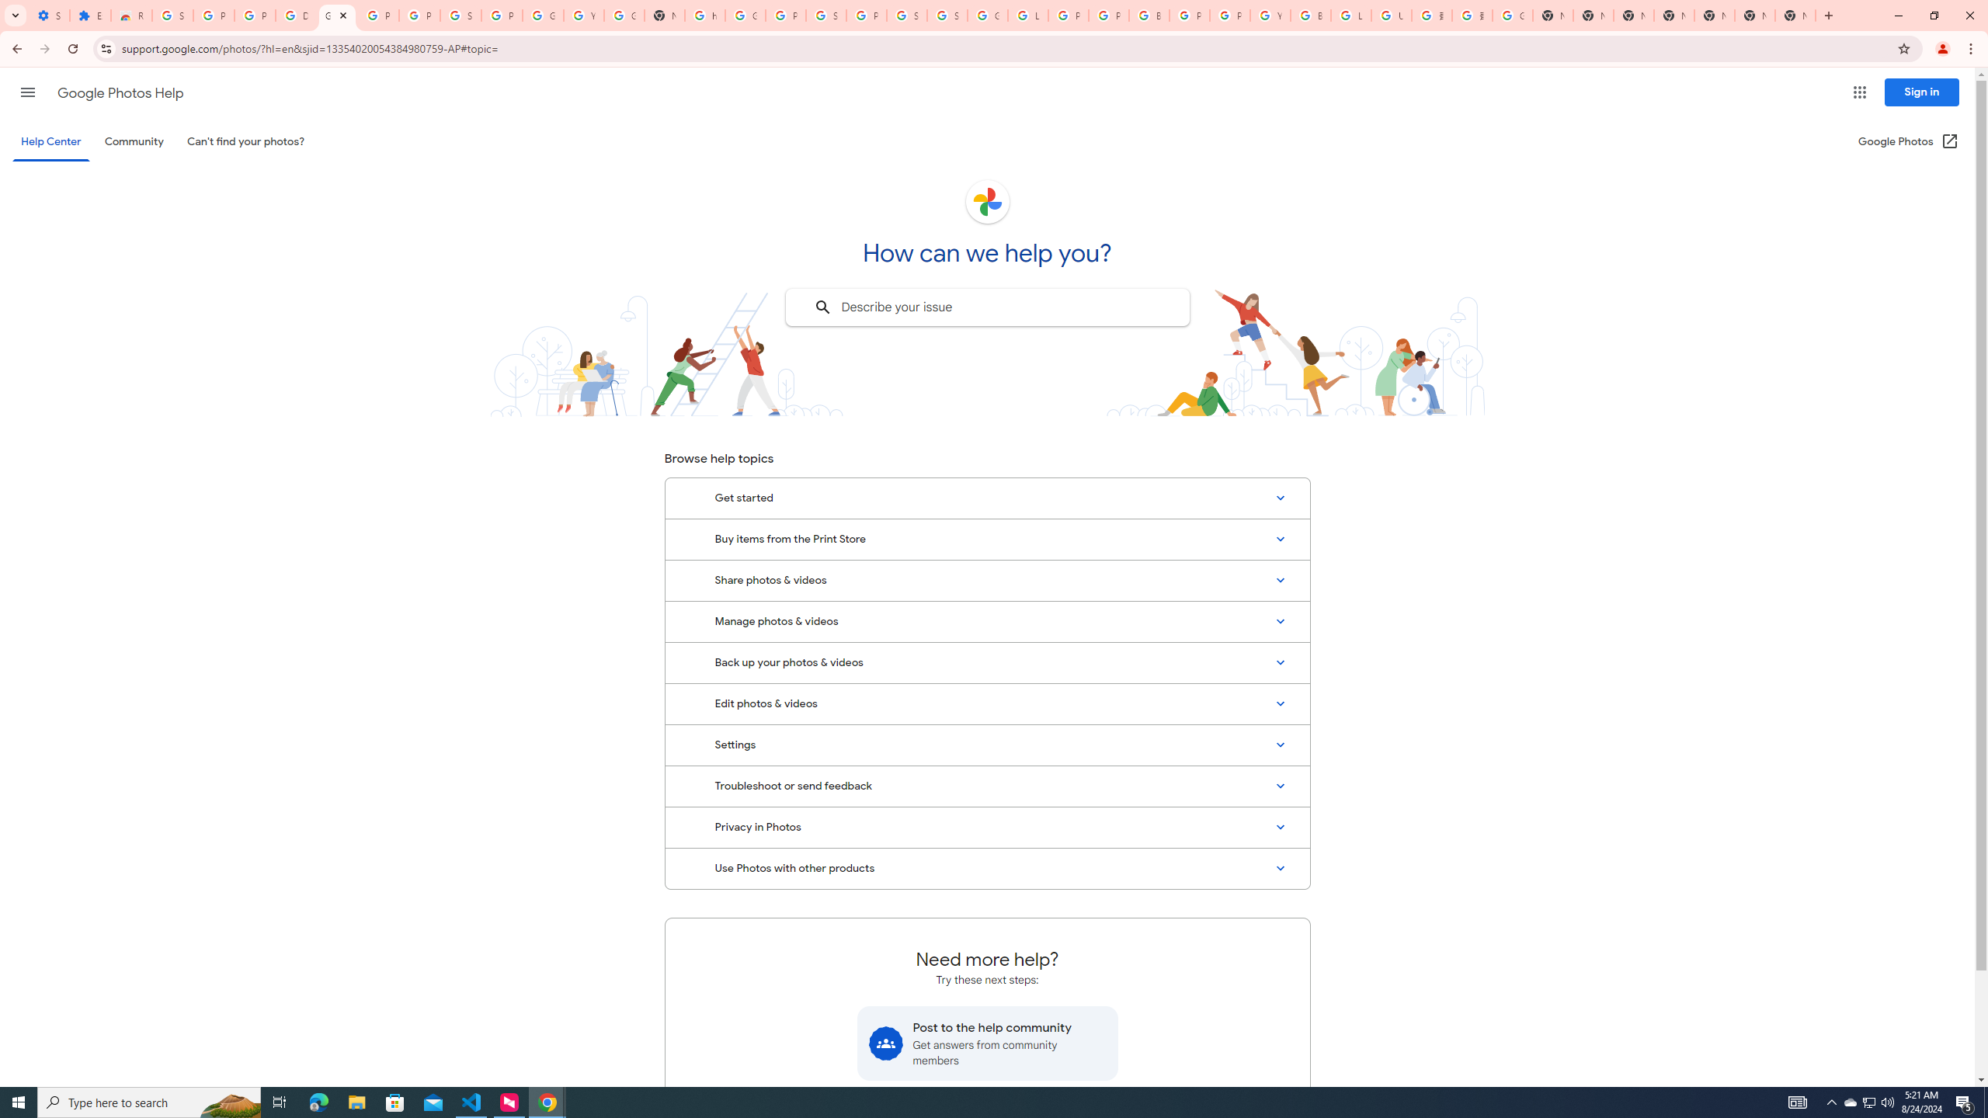 This screenshot has width=1988, height=1118. I want to click on 'New Tab', so click(1795, 15).